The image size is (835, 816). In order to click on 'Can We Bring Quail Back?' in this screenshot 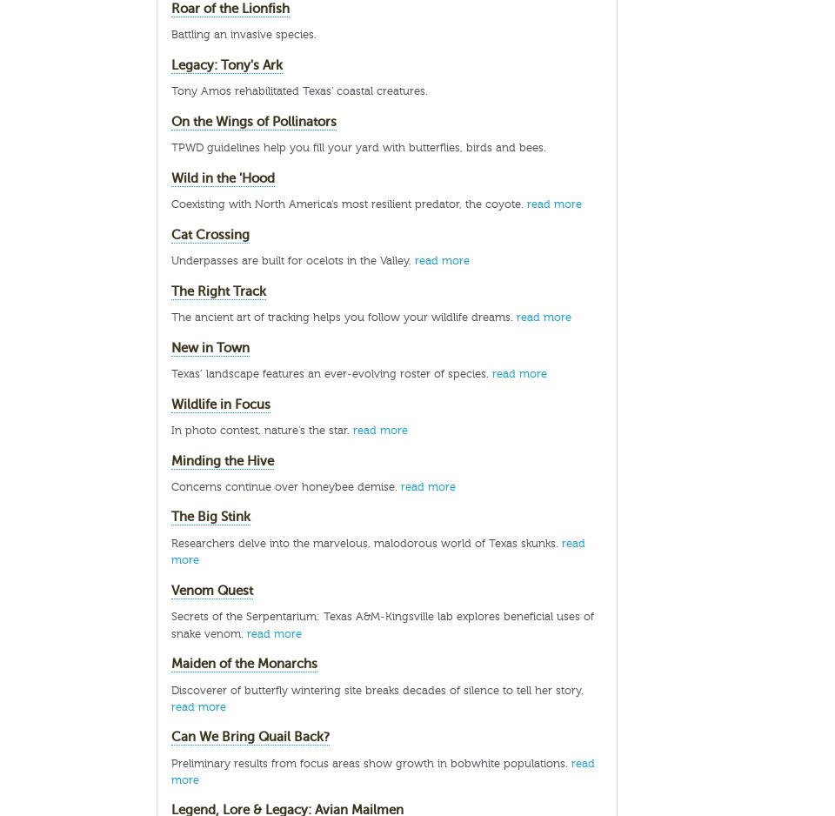, I will do `click(250, 736)`.